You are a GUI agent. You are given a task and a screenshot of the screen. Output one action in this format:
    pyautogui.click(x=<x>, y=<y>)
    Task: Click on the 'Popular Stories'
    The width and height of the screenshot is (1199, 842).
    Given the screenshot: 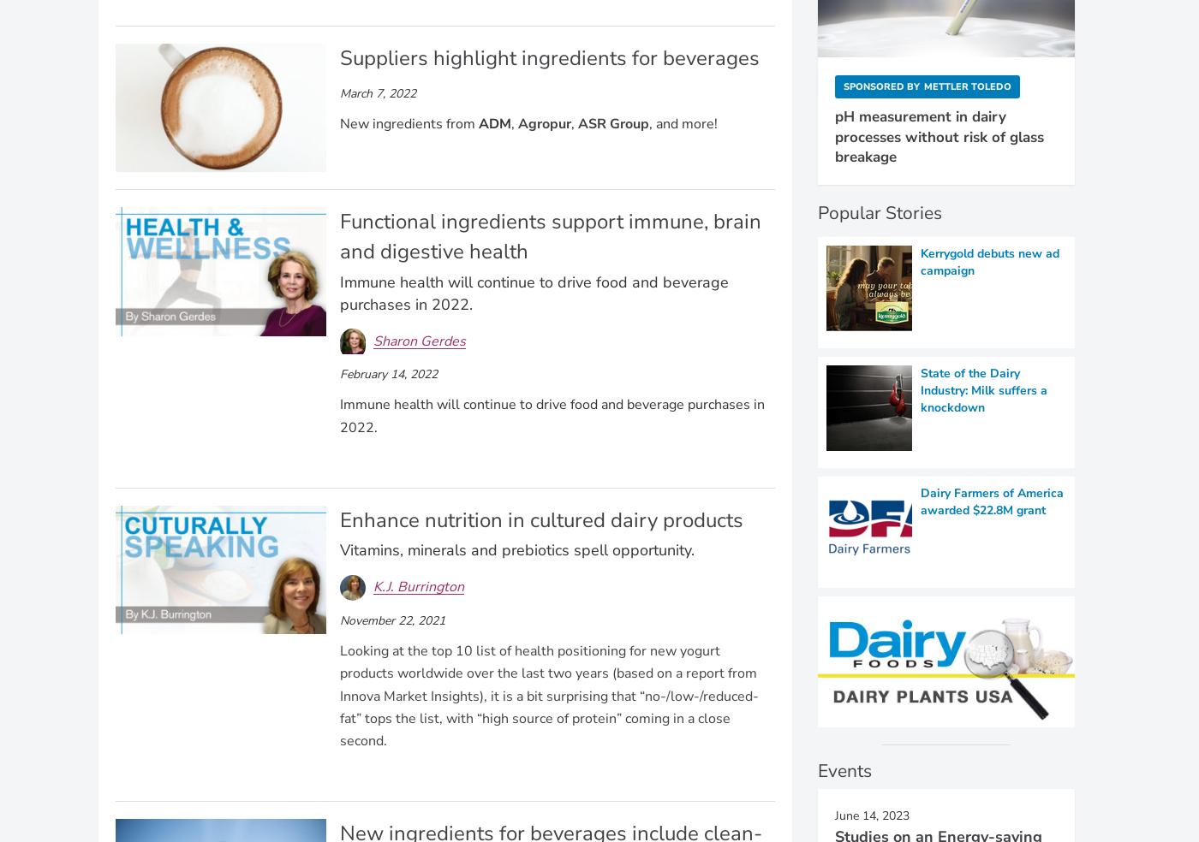 What is the action you would take?
    pyautogui.click(x=880, y=211)
    